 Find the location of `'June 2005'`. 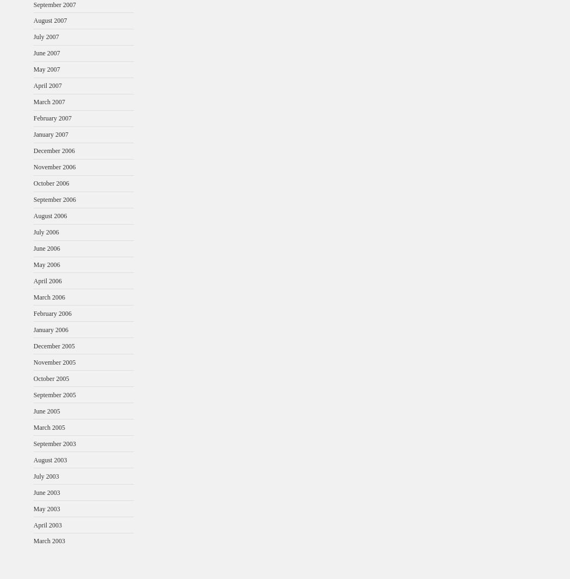

'June 2005' is located at coordinates (46, 410).